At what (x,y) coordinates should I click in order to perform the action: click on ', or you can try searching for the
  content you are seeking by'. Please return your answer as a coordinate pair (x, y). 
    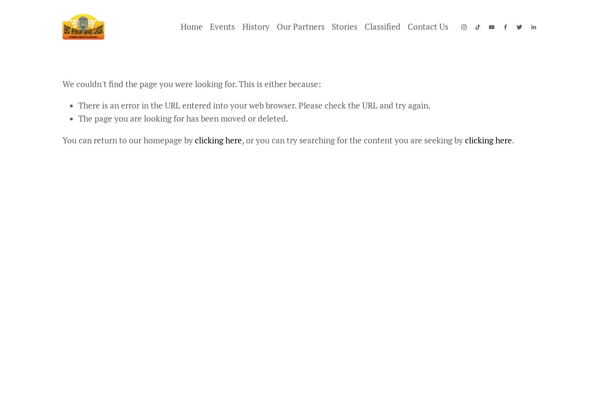
    Looking at the image, I should click on (241, 139).